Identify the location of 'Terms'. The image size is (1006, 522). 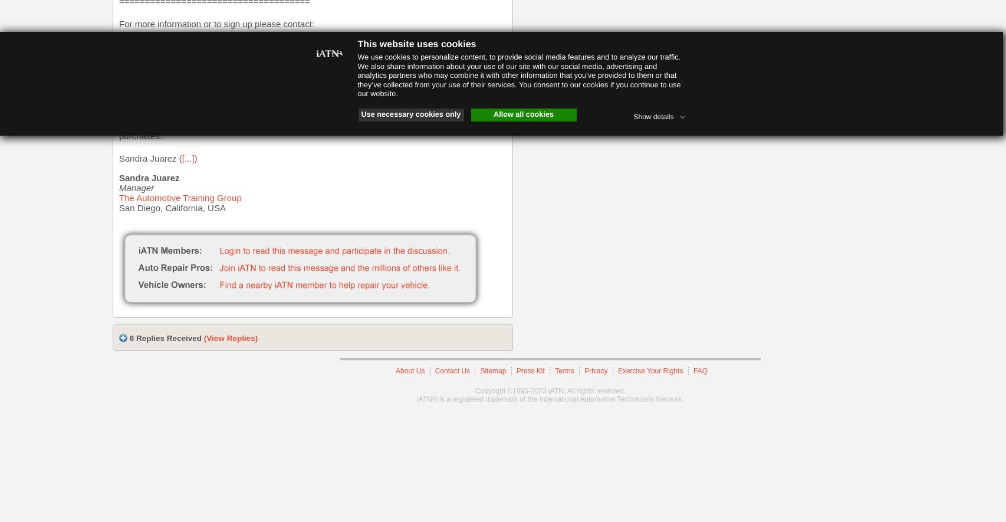
(555, 370).